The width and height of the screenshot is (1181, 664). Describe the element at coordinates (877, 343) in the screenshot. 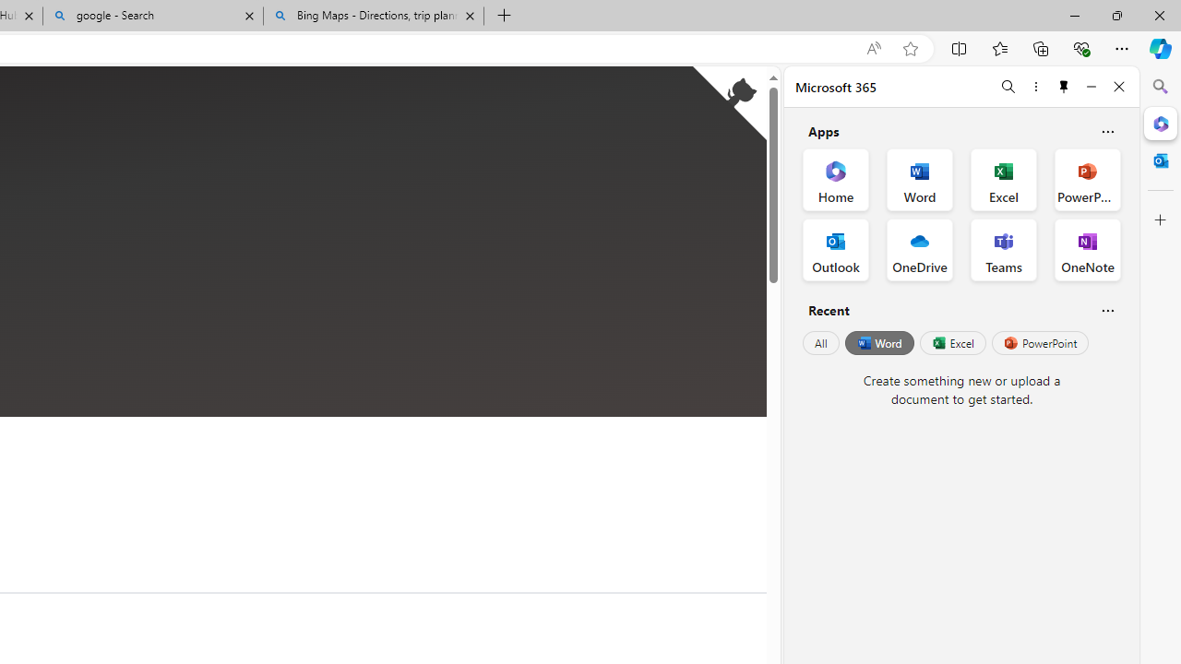

I see `'Word'` at that location.